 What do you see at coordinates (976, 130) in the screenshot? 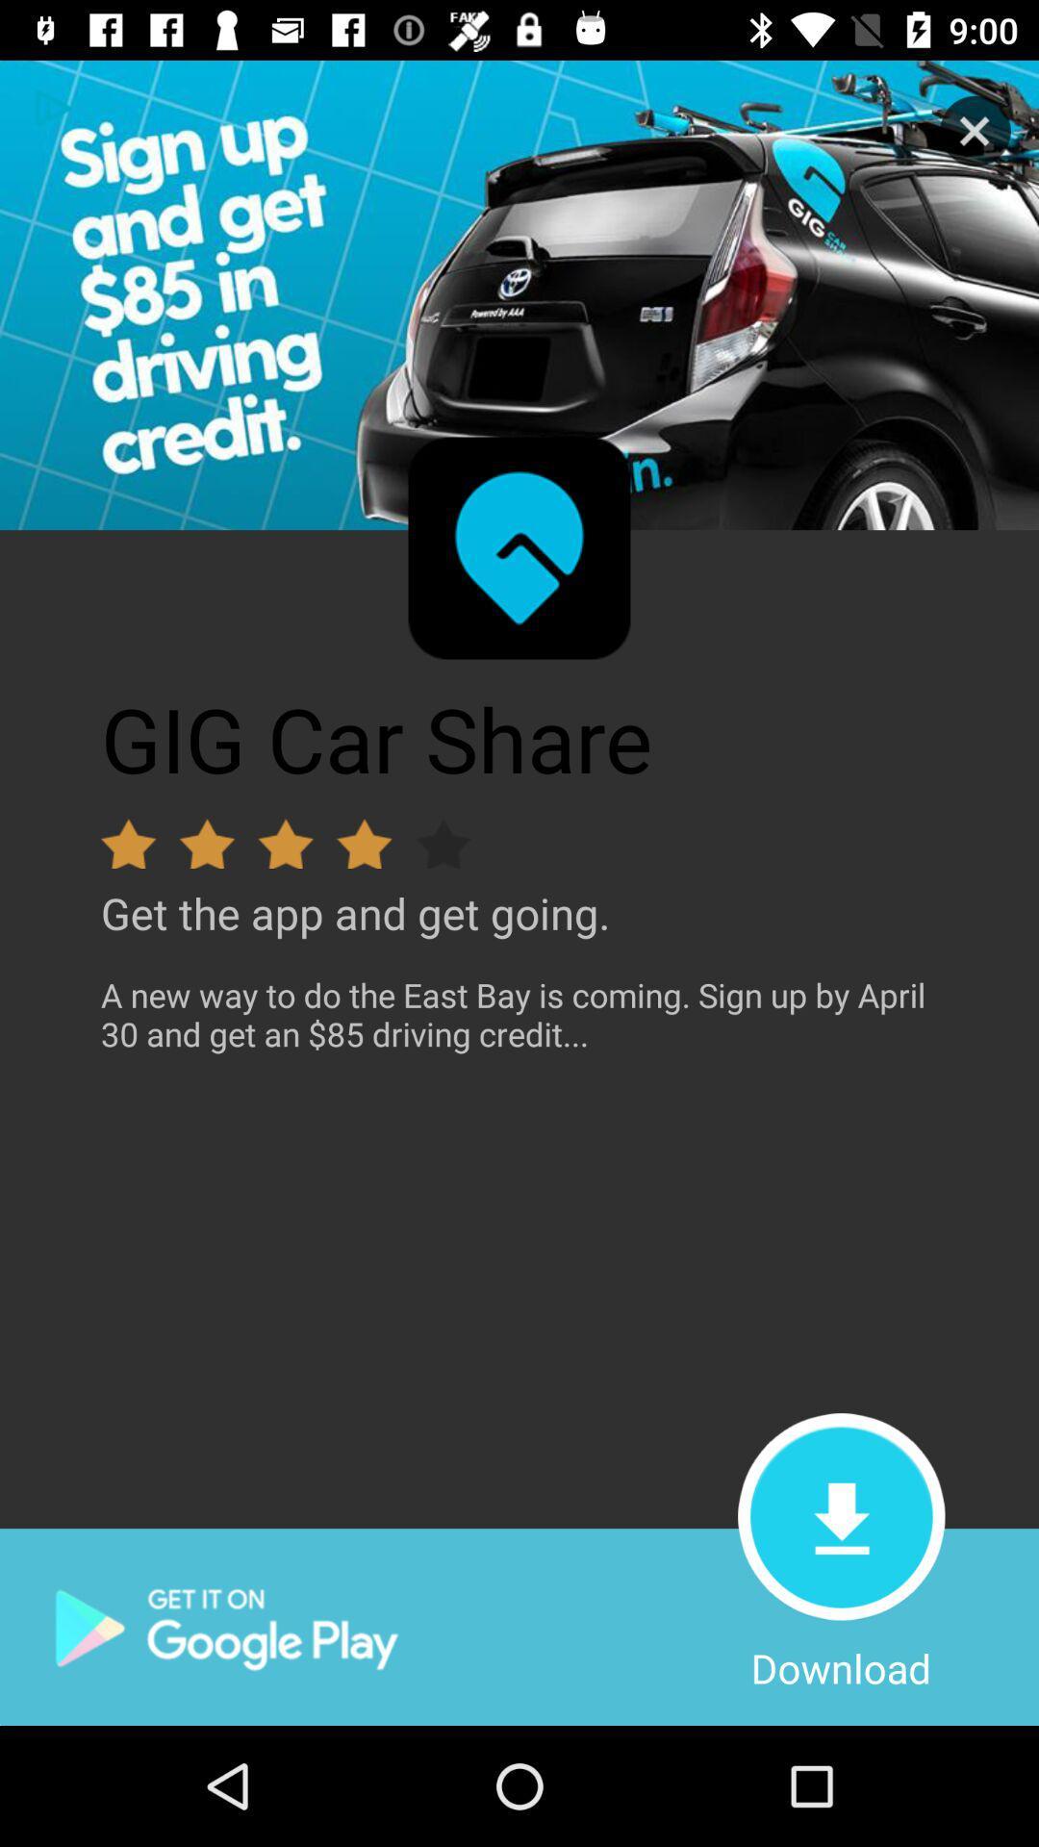
I see `the close icon` at bounding box center [976, 130].